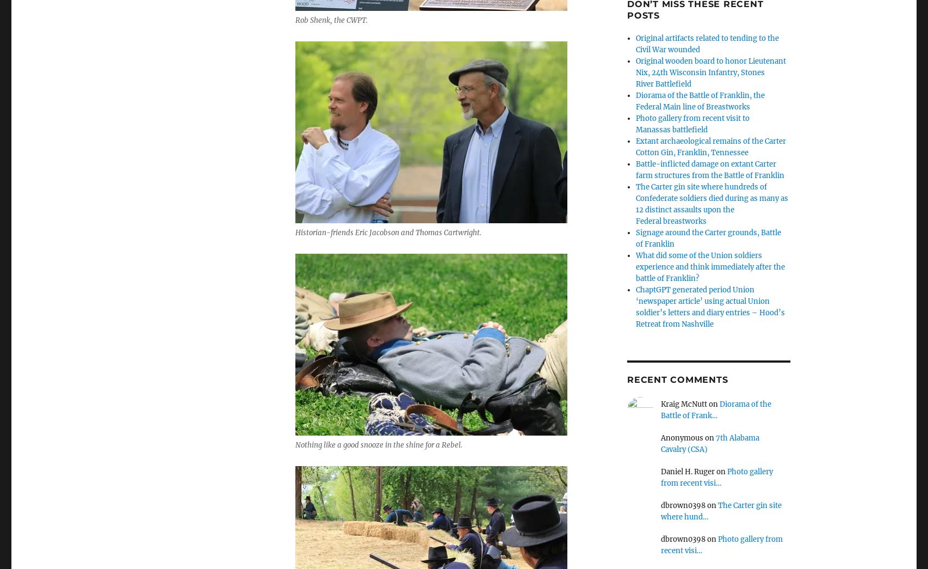  Describe the element at coordinates (709, 442) in the screenshot. I see `'7th Alabama Cavalry (CSA)'` at that location.